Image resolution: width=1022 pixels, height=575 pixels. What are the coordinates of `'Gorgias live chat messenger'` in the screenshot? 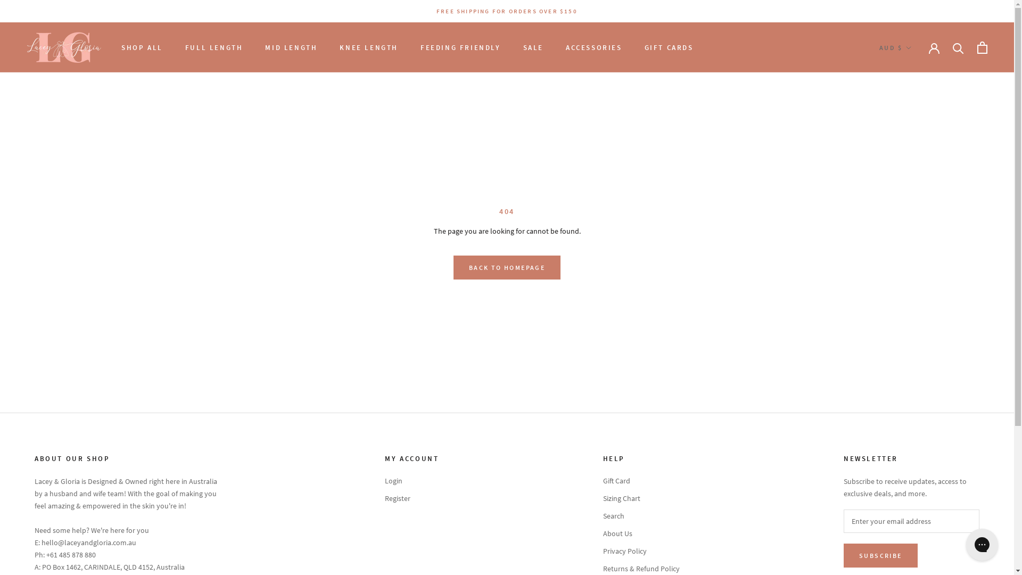 It's located at (960, 544).